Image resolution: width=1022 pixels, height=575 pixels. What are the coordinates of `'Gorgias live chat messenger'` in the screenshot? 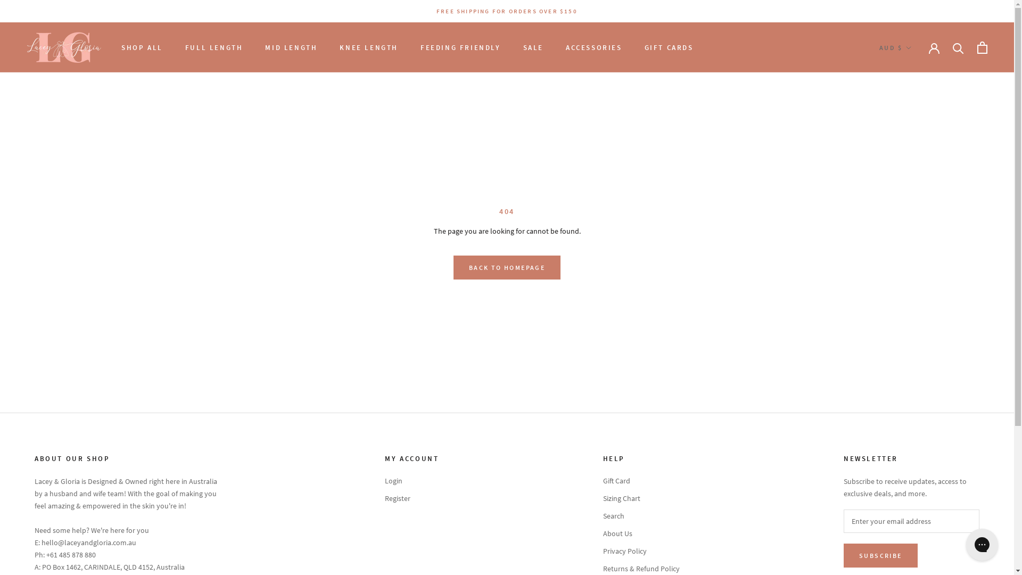 It's located at (960, 544).